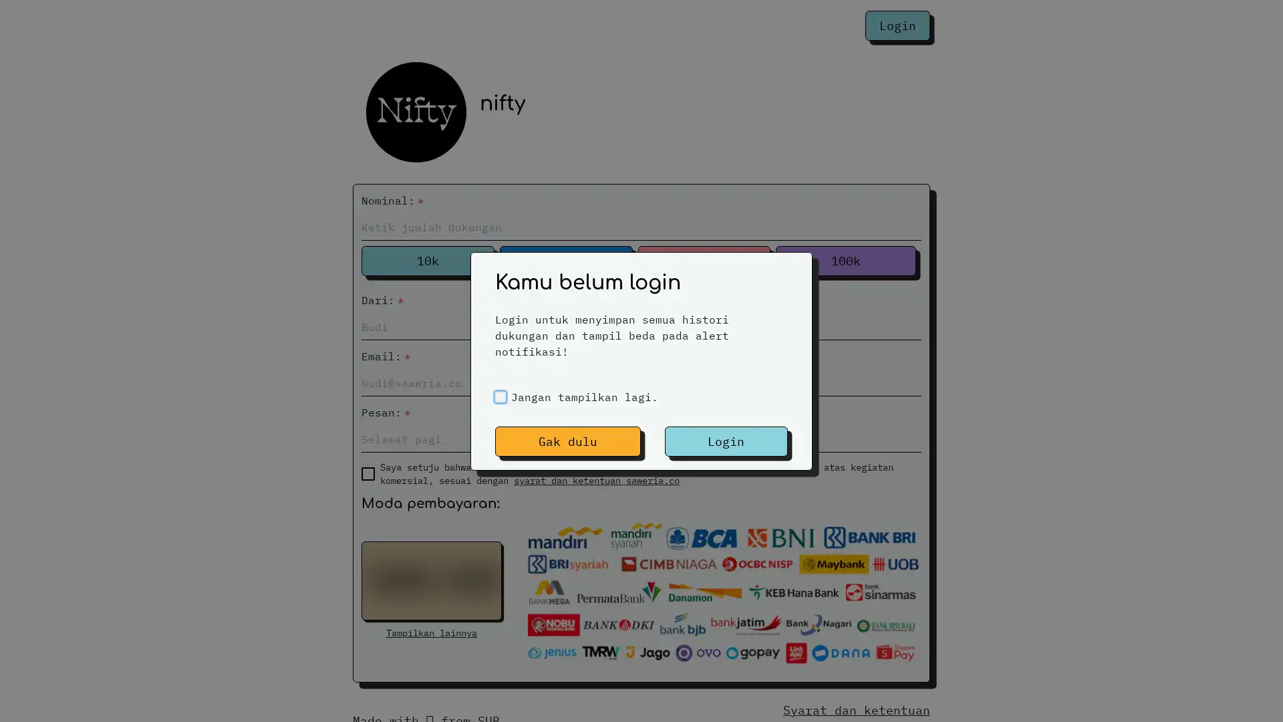  I want to click on Tampilkan lainnya, so click(431, 632).